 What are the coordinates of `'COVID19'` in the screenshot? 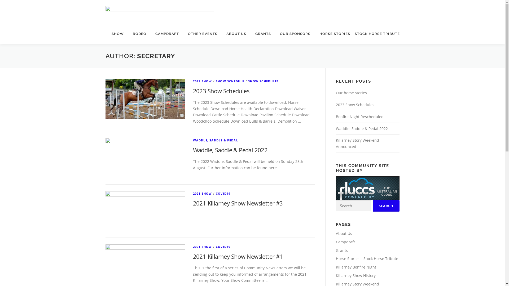 It's located at (223, 247).